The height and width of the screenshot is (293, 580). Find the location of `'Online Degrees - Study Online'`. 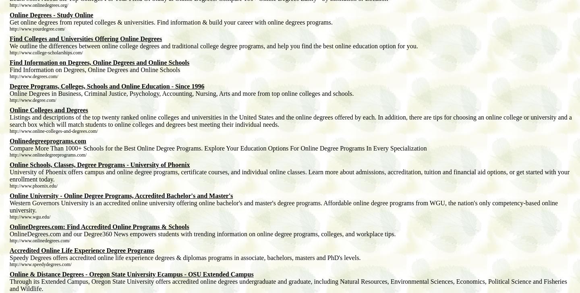

'Online Degrees - Study Online' is located at coordinates (51, 15).